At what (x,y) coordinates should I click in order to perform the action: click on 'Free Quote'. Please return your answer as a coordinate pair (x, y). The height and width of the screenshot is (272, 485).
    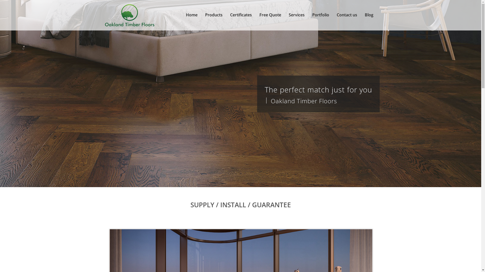
    Looking at the image, I should click on (270, 15).